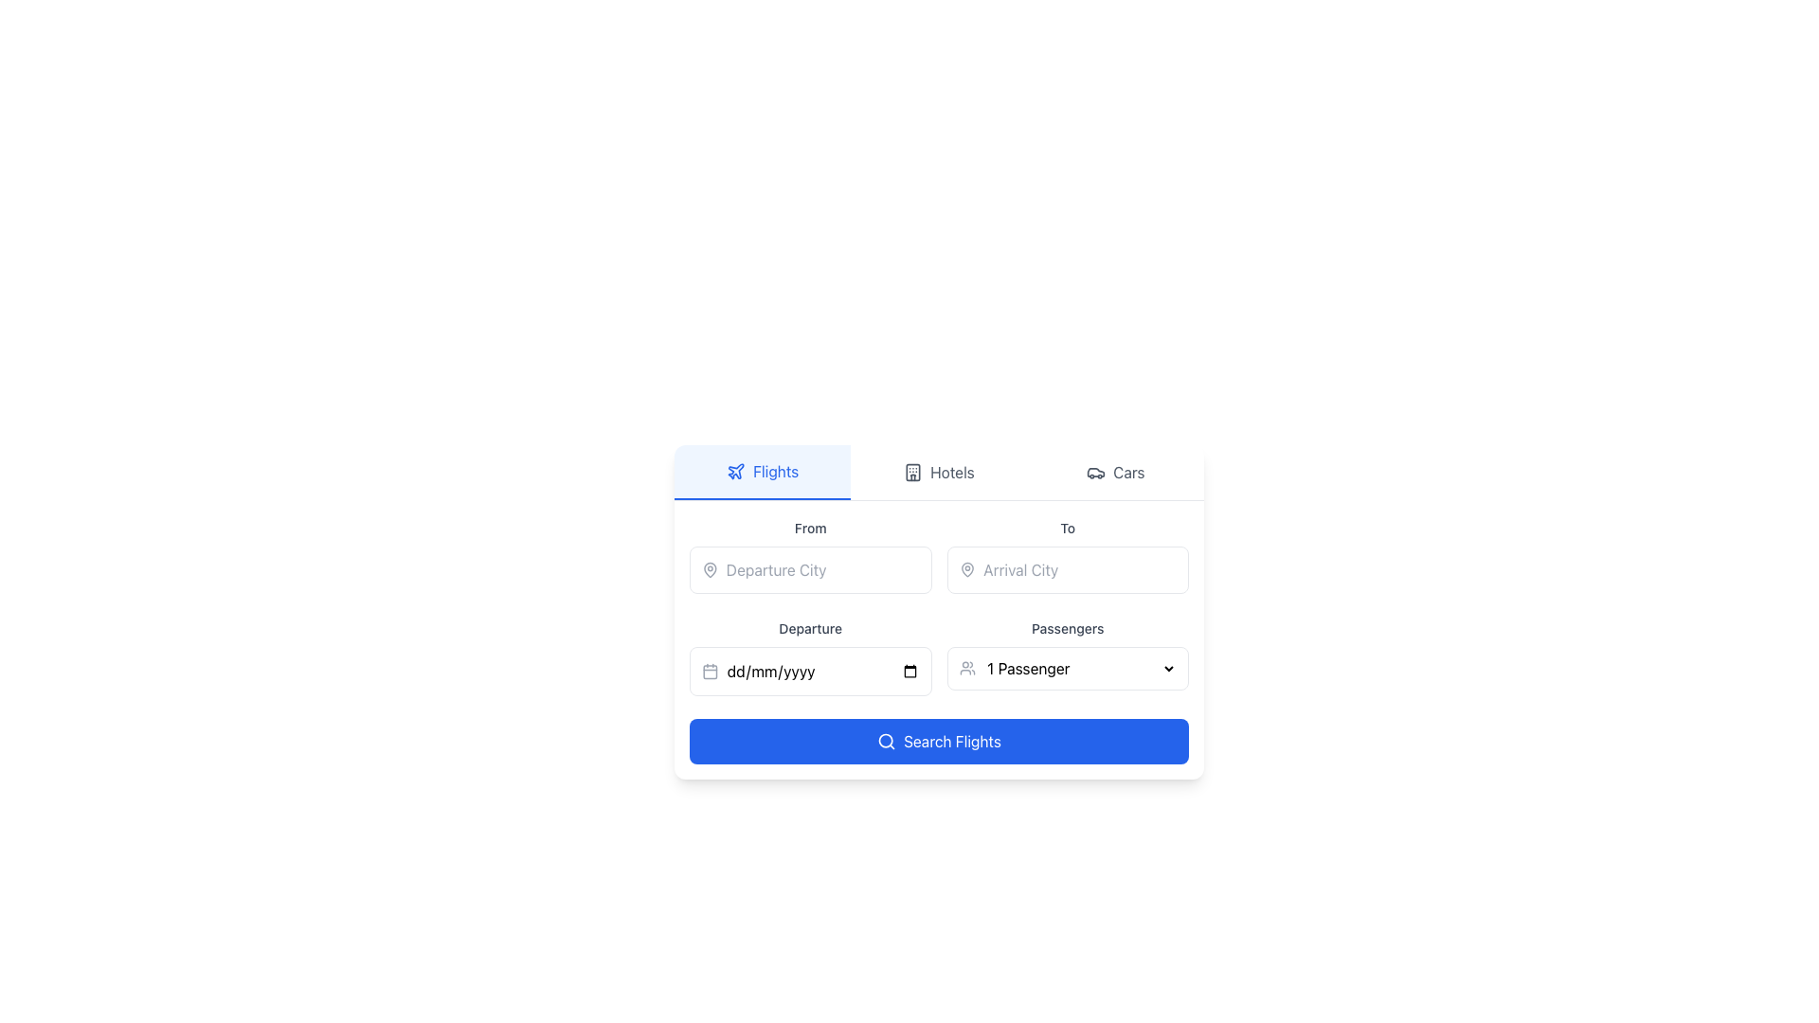 This screenshot has height=1023, width=1819. I want to click on the SVG icon of a car located in the 'Cars' section of the tabbed interface, positioned to the left of the text 'Cars', so click(1096, 471).